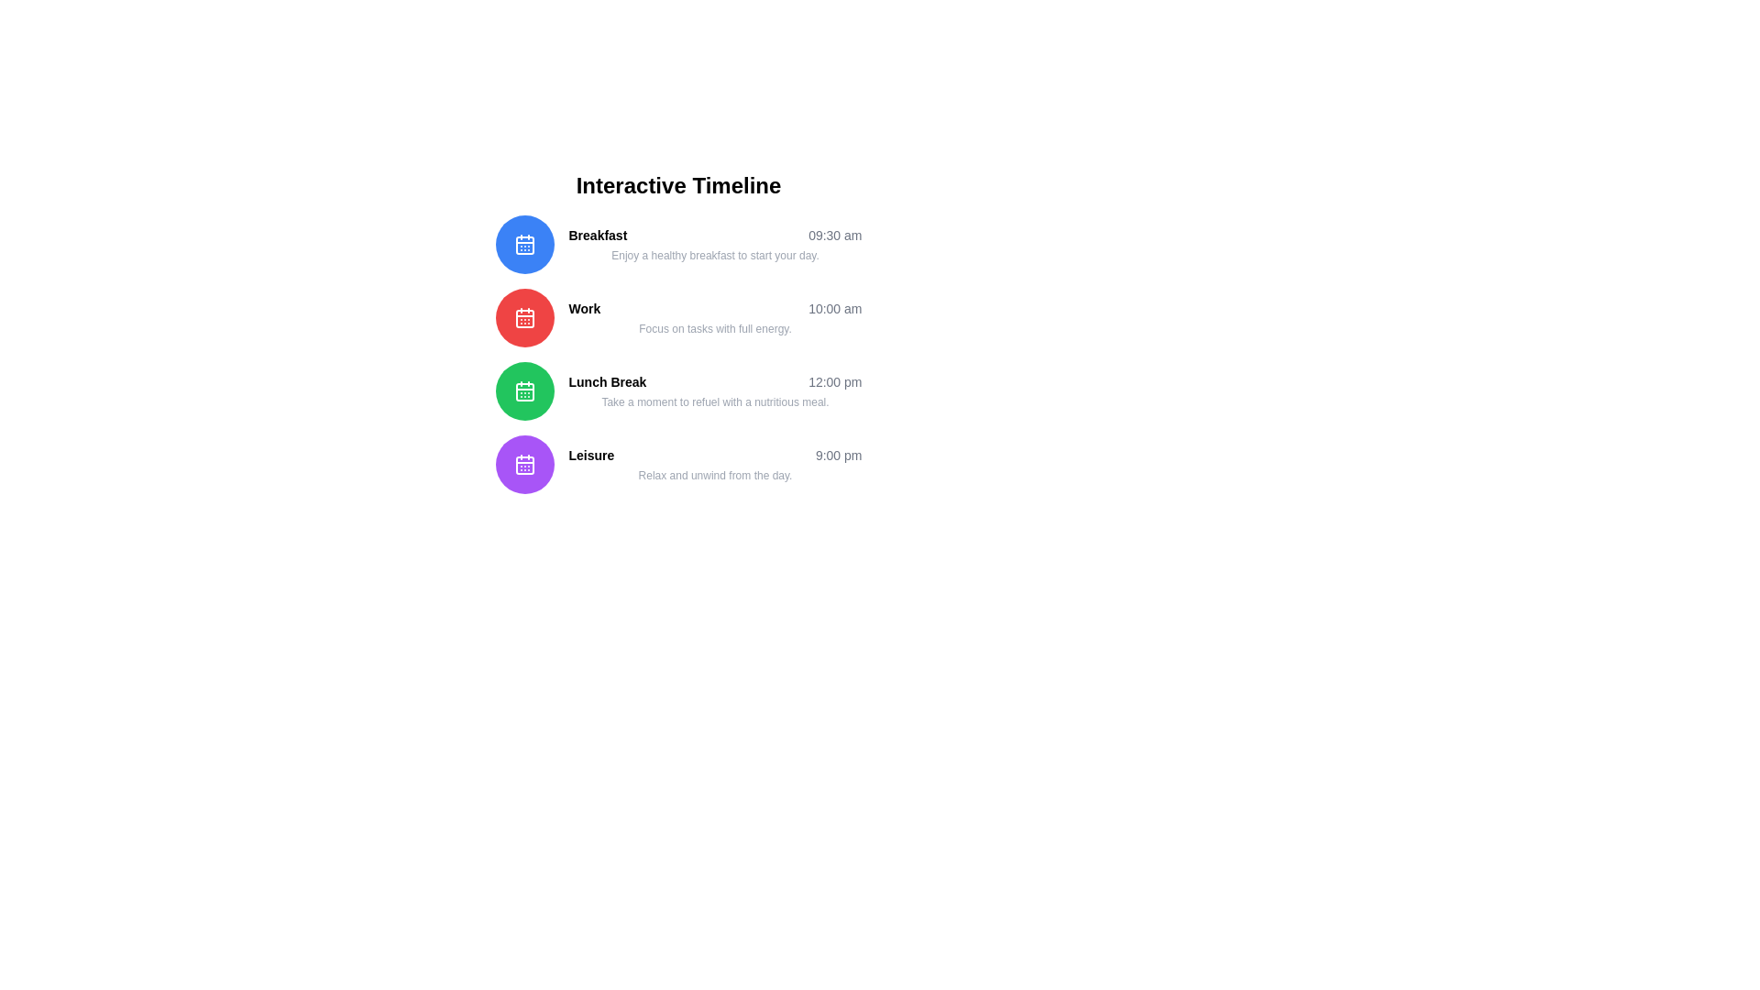  I want to click on the Text Label that describes the event 'Work' scheduled for 10:00 am, located below the 'Work' header and '10:00 am' within the vertical timeline, so click(714, 327).